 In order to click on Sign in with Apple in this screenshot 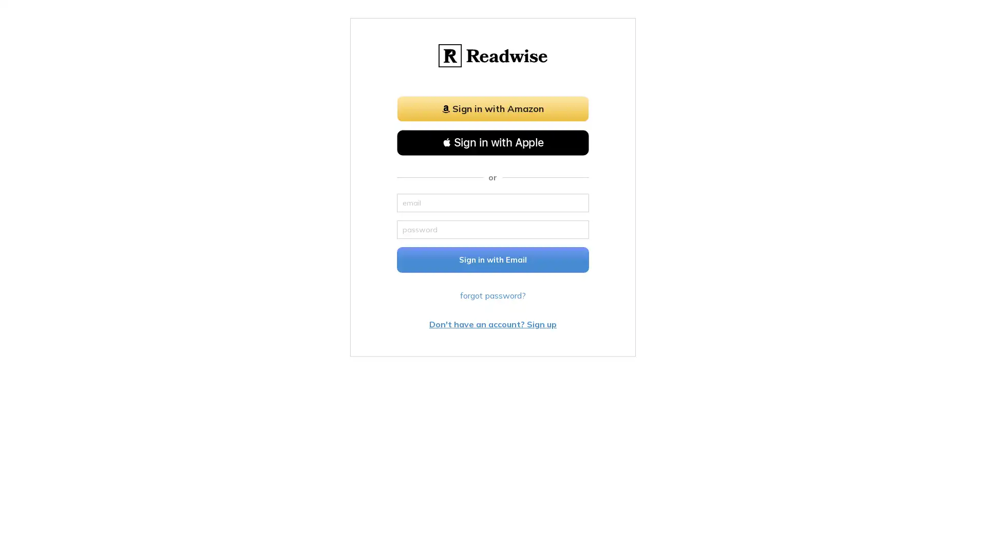, I will do `click(493, 142)`.